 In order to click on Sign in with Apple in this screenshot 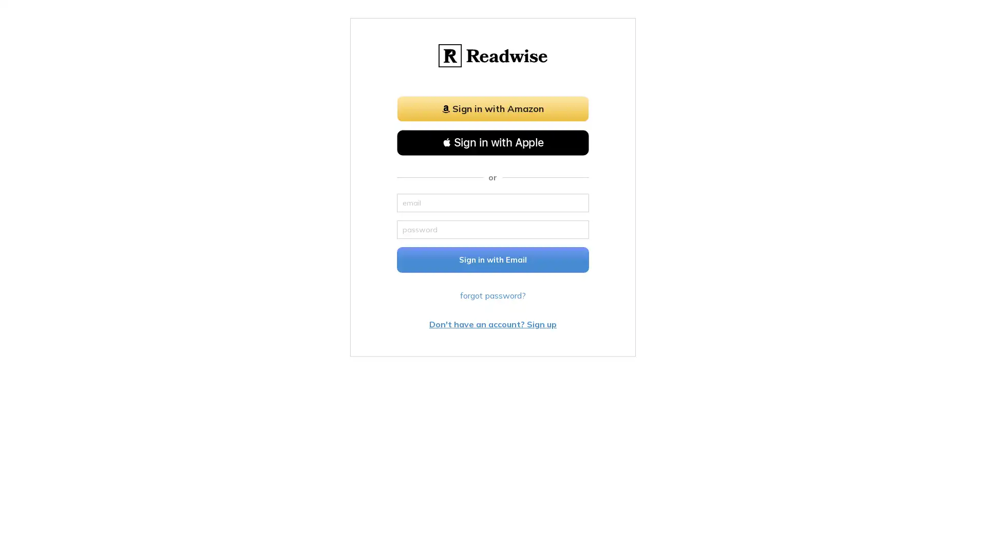, I will do `click(493, 142)`.